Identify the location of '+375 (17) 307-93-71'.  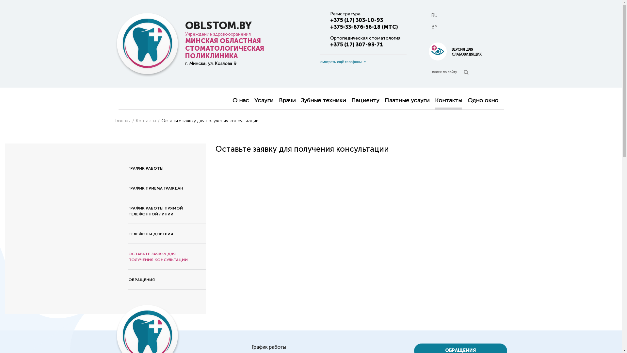
(356, 44).